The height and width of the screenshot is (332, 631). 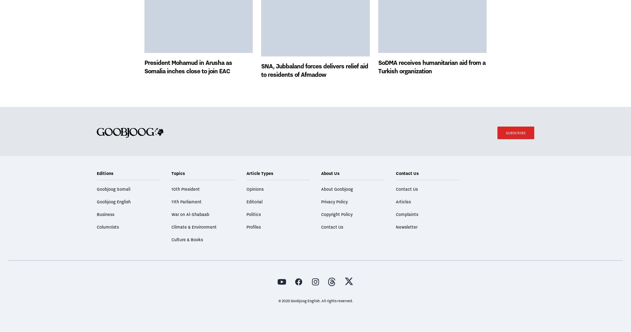 I want to click on '11th Parliament', so click(x=186, y=221).